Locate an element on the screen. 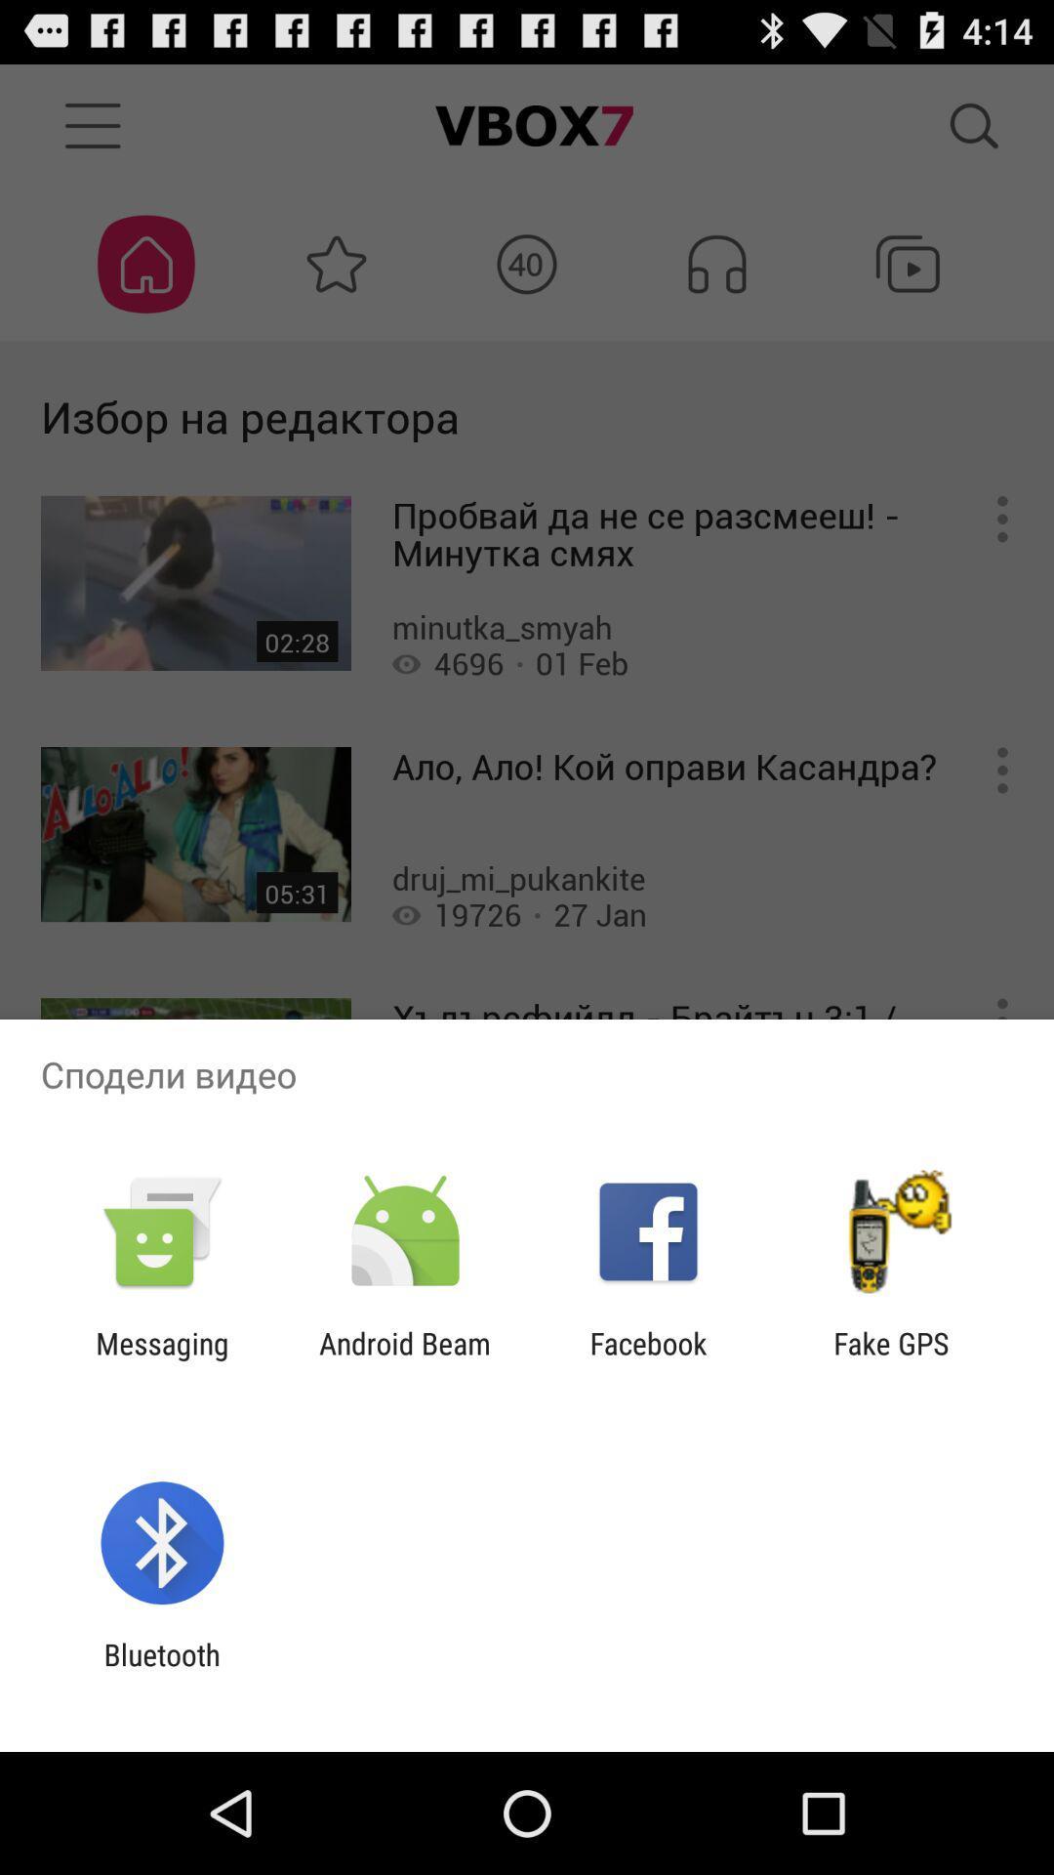 Image resolution: width=1054 pixels, height=1875 pixels. the android beam item is located at coordinates (404, 1359).